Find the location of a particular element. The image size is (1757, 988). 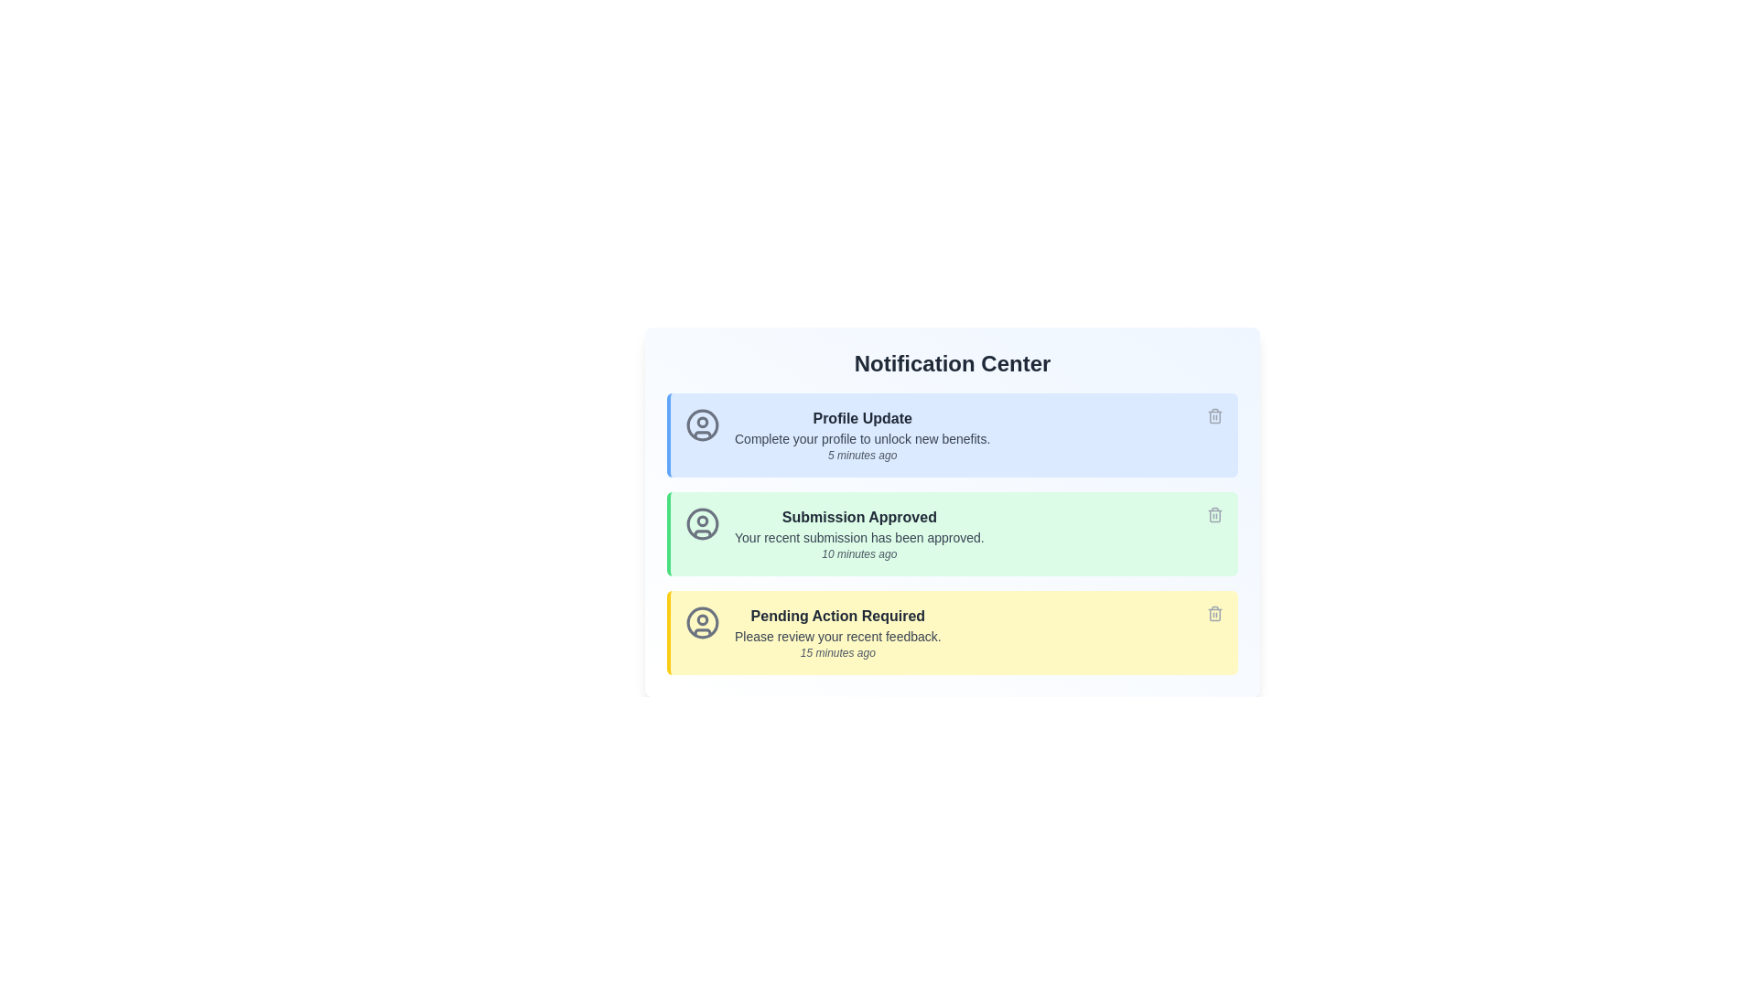

the circular graphic element representing the head of the user profile icon, which is part of the blue notification card at the top of the list is located at coordinates (702, 422).